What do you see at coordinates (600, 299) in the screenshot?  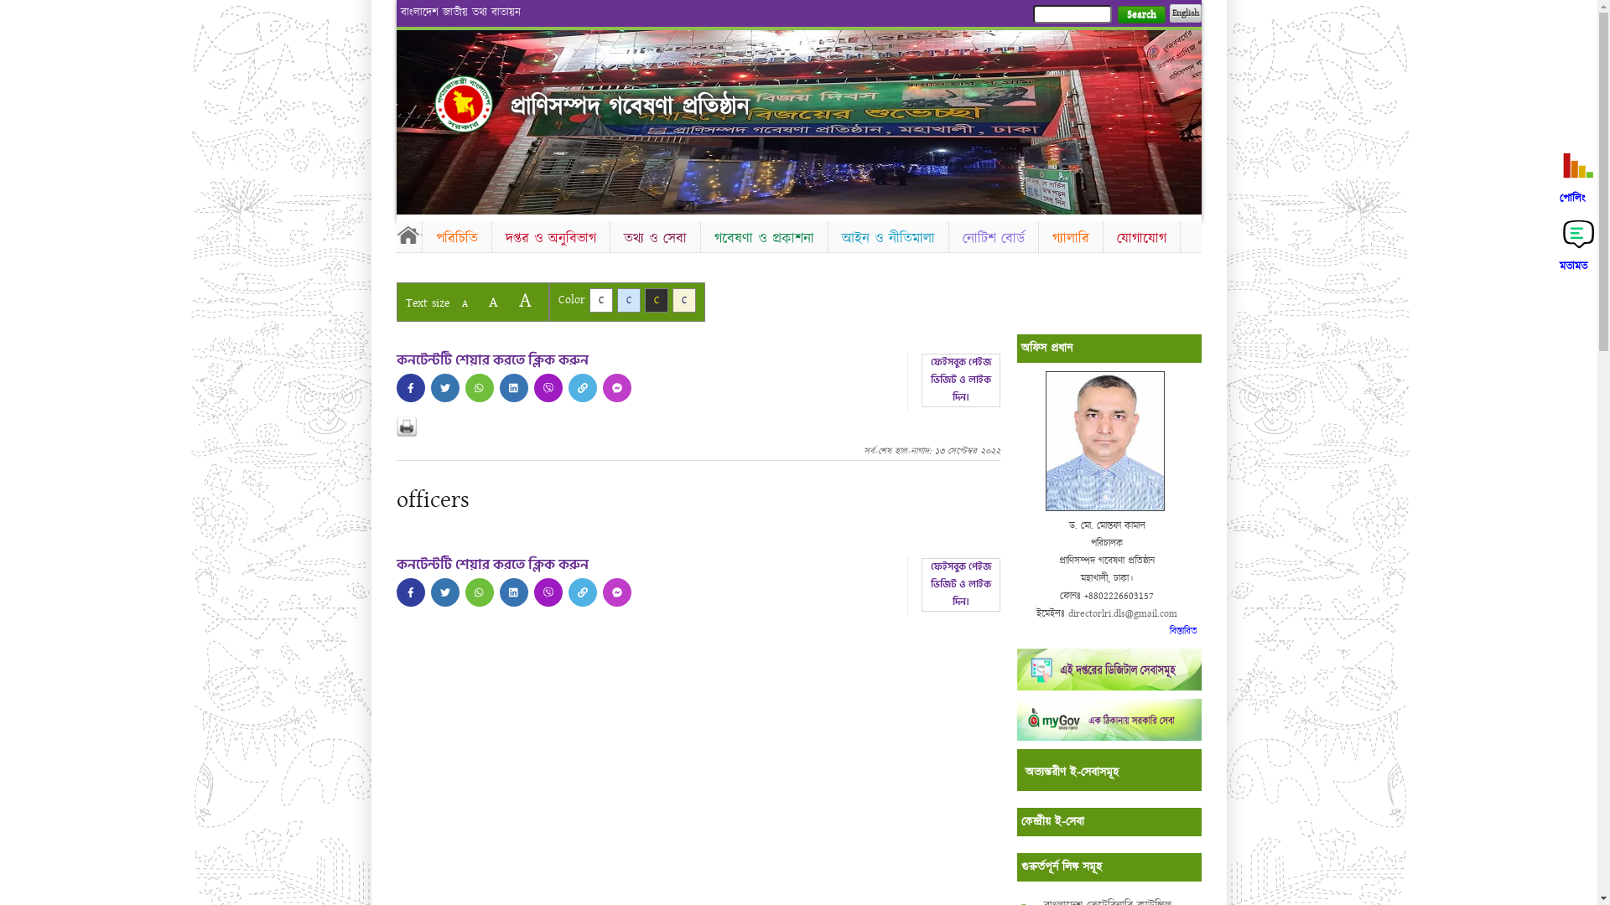 I see `'C'` at bounding box center [600, 299].